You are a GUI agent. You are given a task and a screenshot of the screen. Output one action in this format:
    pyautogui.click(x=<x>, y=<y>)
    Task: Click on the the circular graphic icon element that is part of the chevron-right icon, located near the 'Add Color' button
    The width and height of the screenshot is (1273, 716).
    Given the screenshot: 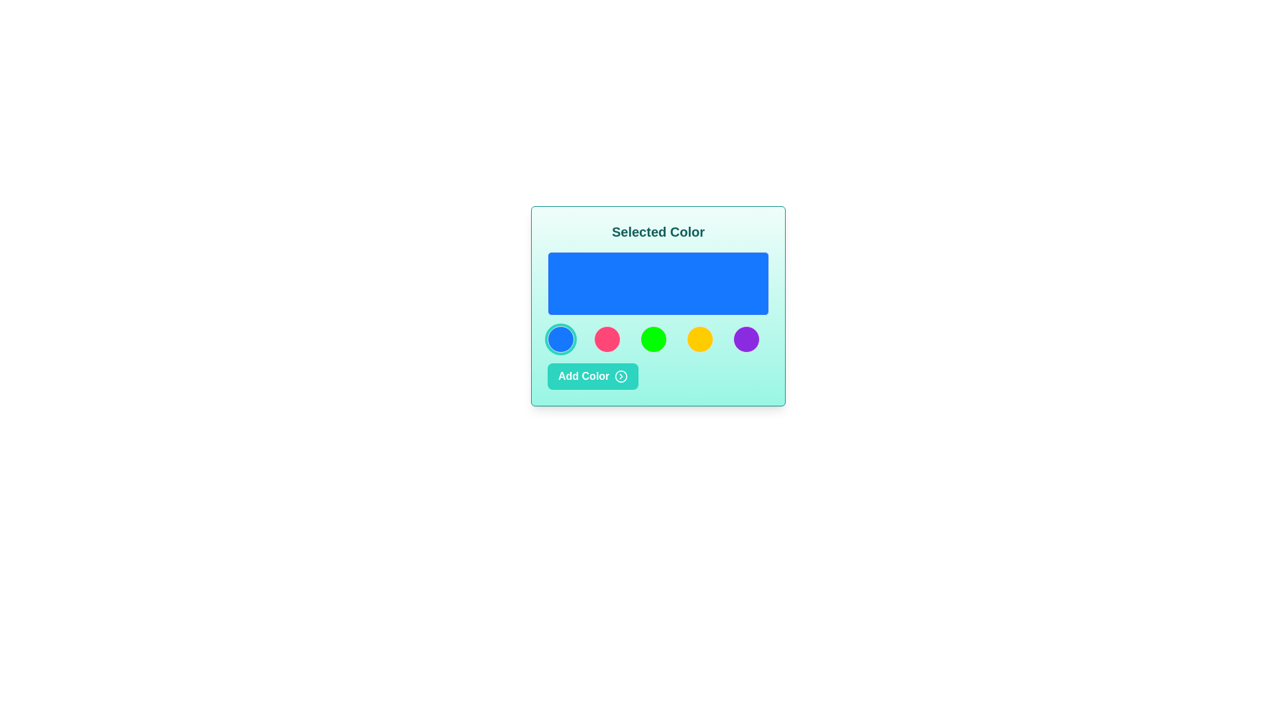 What is the action you would take?
    pyautogui.click(x=621, y=376)
    